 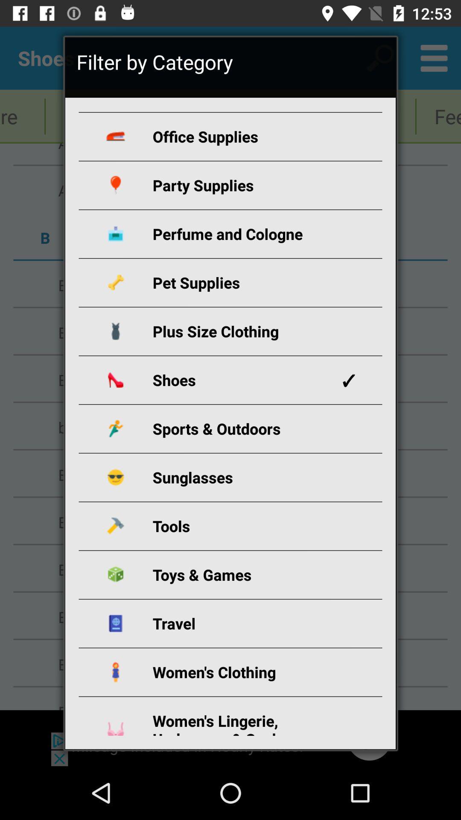 I want to click on plus size clothing, so click(x=240, y=331).